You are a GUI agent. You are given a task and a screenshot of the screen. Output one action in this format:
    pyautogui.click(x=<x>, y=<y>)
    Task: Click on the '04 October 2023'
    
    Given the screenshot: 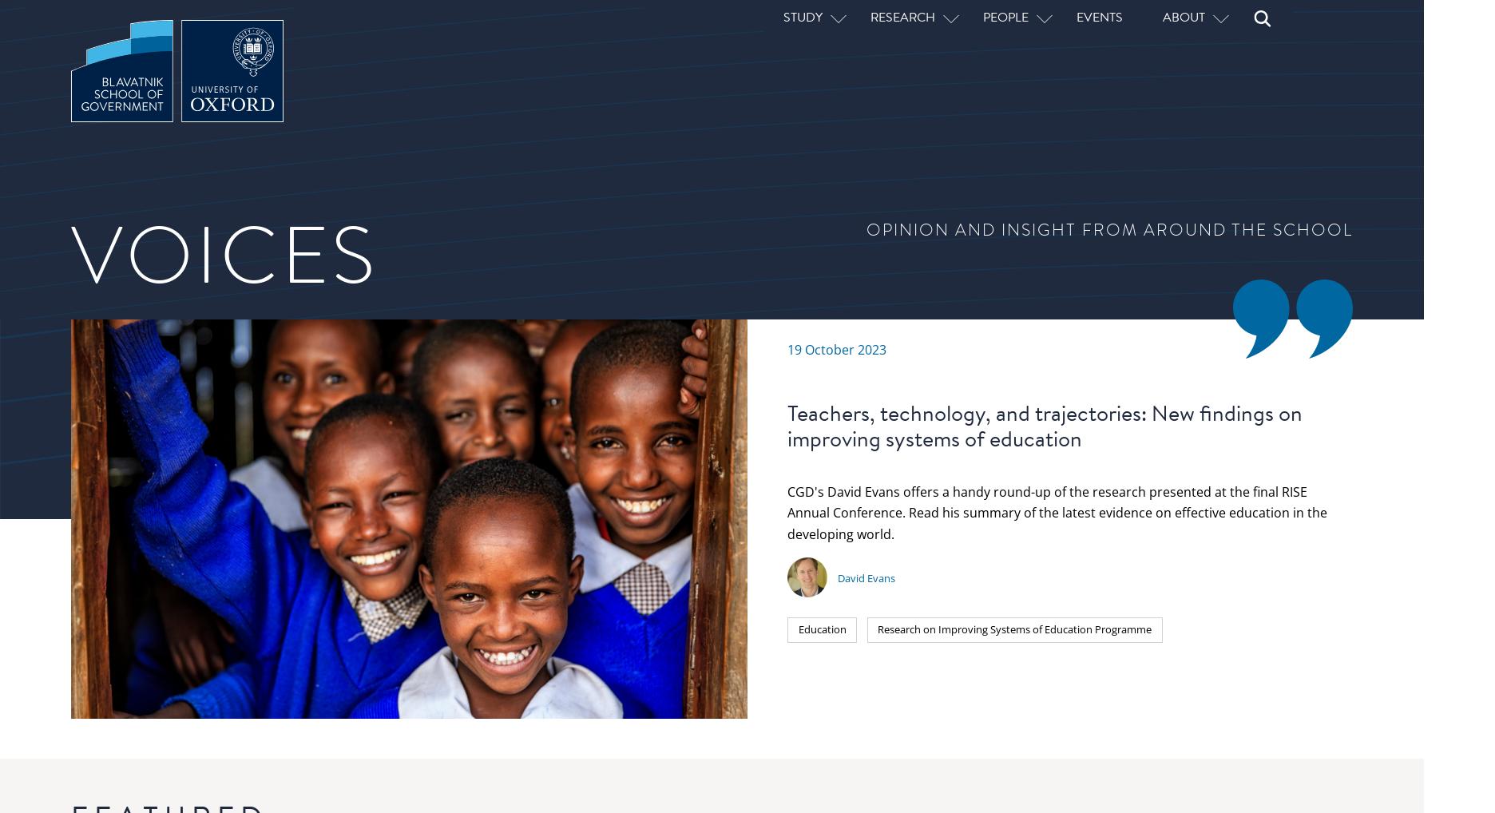 What is the action you would take?
    pyautogui.click(x=576, y=553)
    